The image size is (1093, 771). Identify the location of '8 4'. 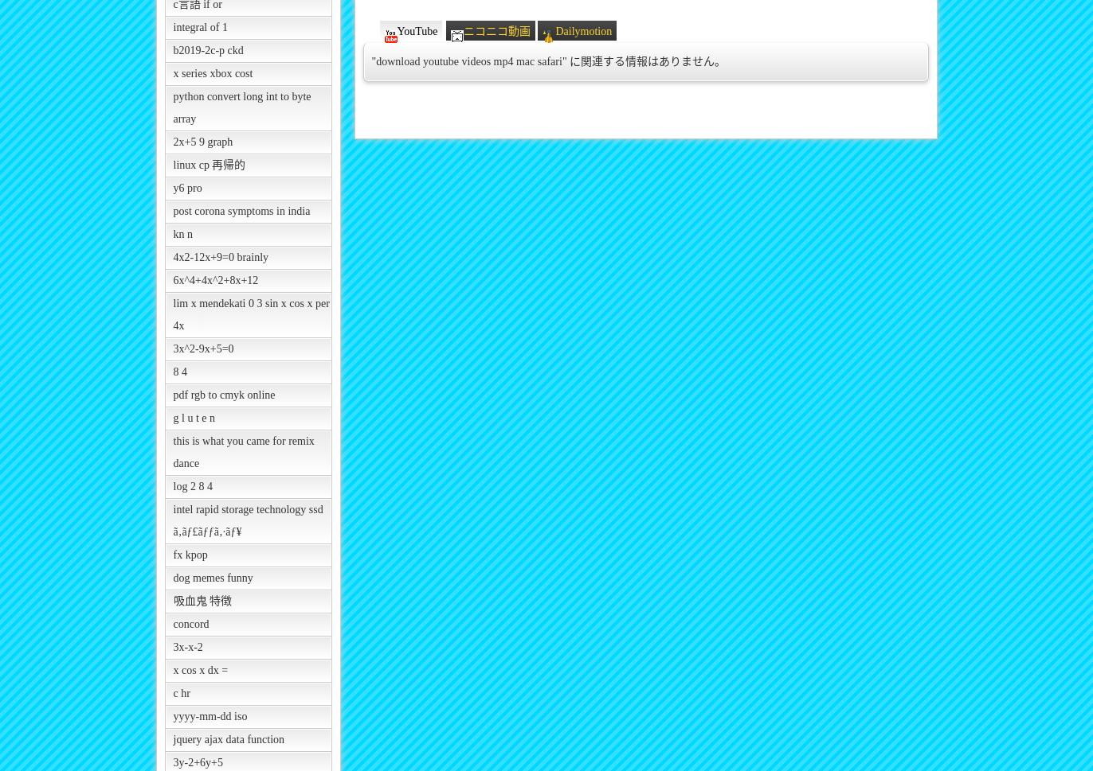
(179, 372).